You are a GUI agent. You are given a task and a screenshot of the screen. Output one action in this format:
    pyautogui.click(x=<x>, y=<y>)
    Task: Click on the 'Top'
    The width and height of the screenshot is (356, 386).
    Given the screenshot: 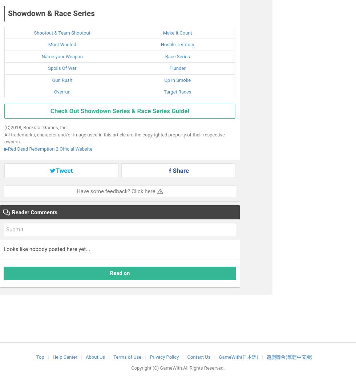 What is the action you would take?
    pyautogui.click(x=40, y=356)
    